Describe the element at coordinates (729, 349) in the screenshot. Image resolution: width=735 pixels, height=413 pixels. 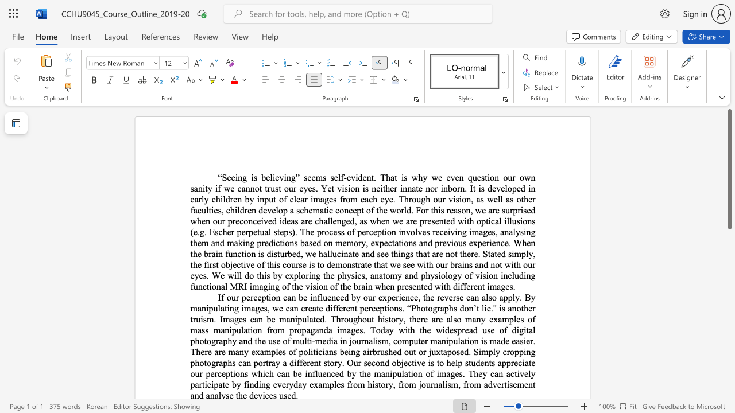
I see `the vertical scrollbar to lower the page content` at that location.